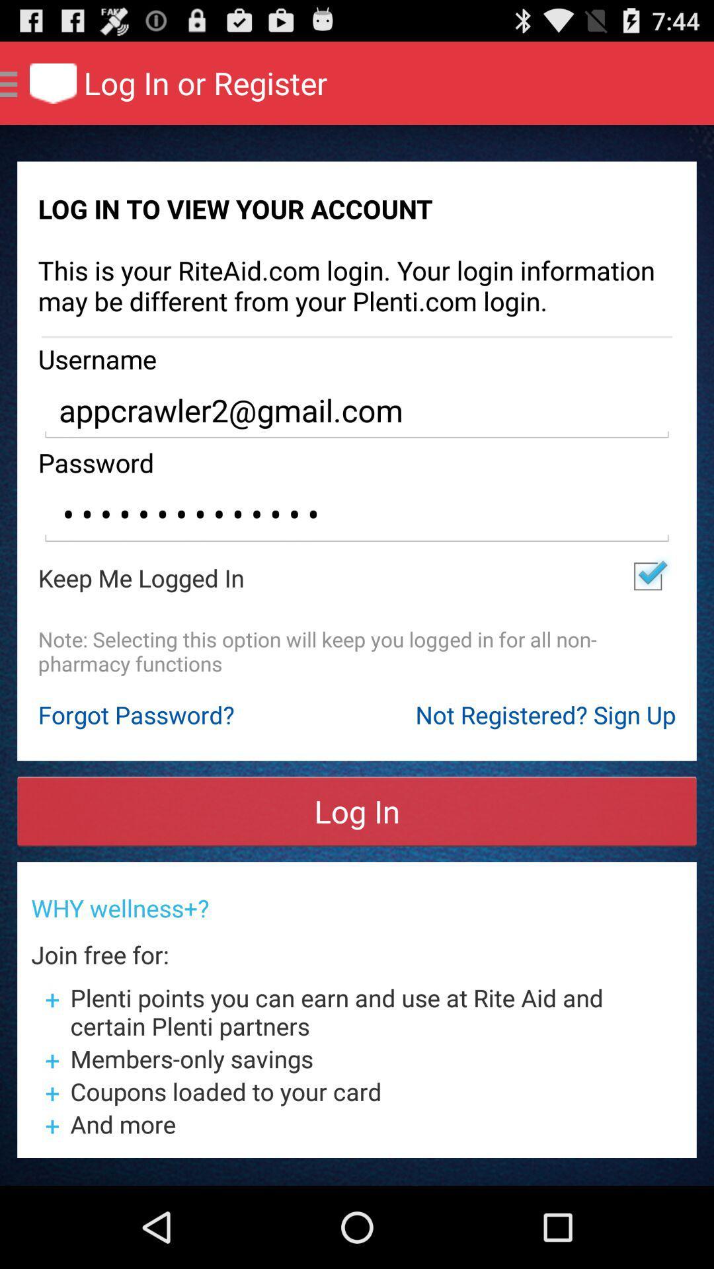 This screenshot has width=714, height=1269. Describe the element at coordinates (647, 576) in the screenshot. I see `item to the right of the keep me logged` at that location.